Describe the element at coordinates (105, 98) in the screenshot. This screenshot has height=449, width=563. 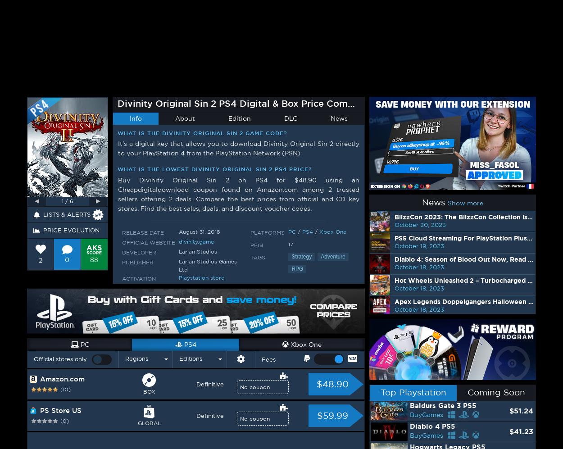
I see `'1 comment'` at that location.